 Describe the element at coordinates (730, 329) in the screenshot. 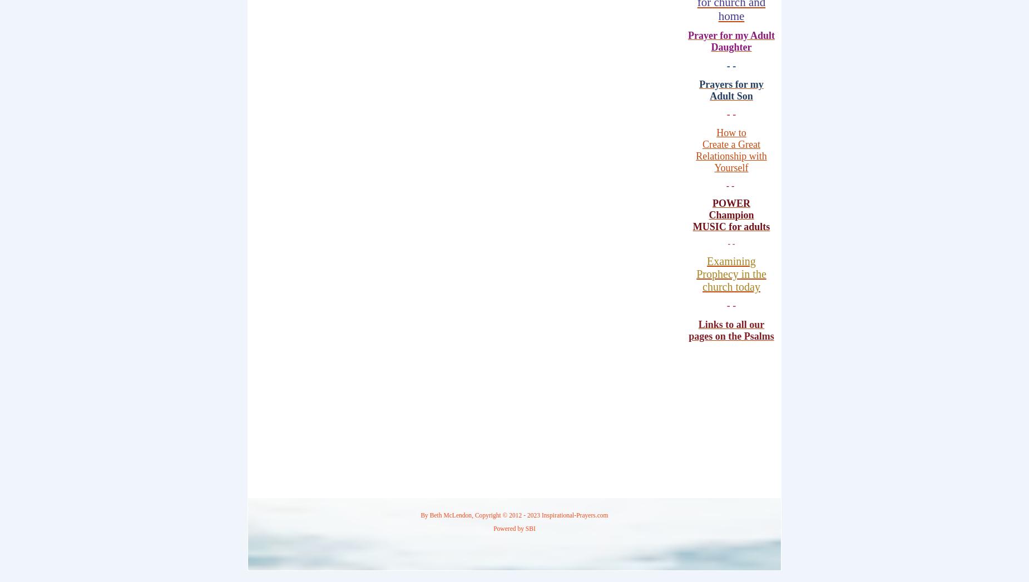

I see `'Links to all our pages on the Psalms'` at that location.